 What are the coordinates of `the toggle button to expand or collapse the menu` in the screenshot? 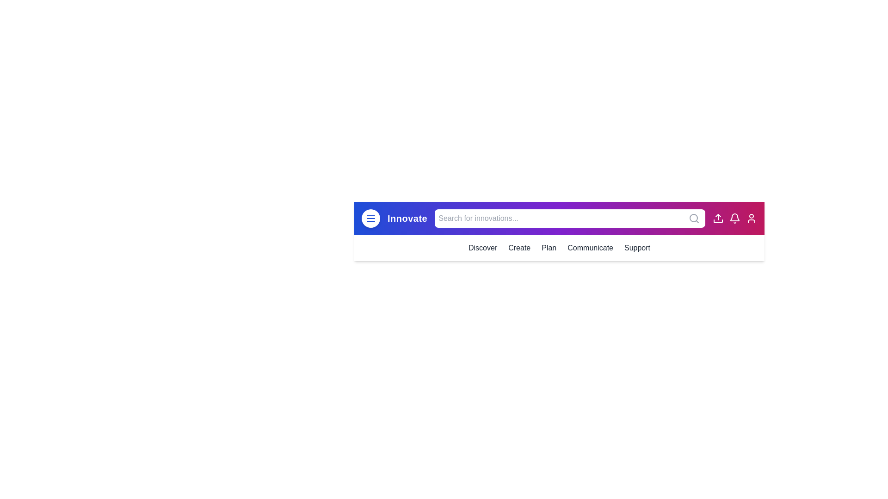 It's located at (370, 219).